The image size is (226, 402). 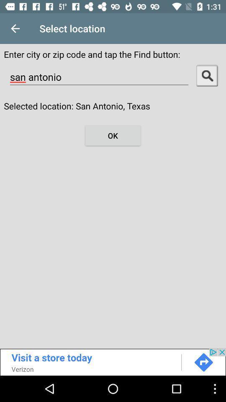 I want to click on visit the store, so click(x=113, y=361).